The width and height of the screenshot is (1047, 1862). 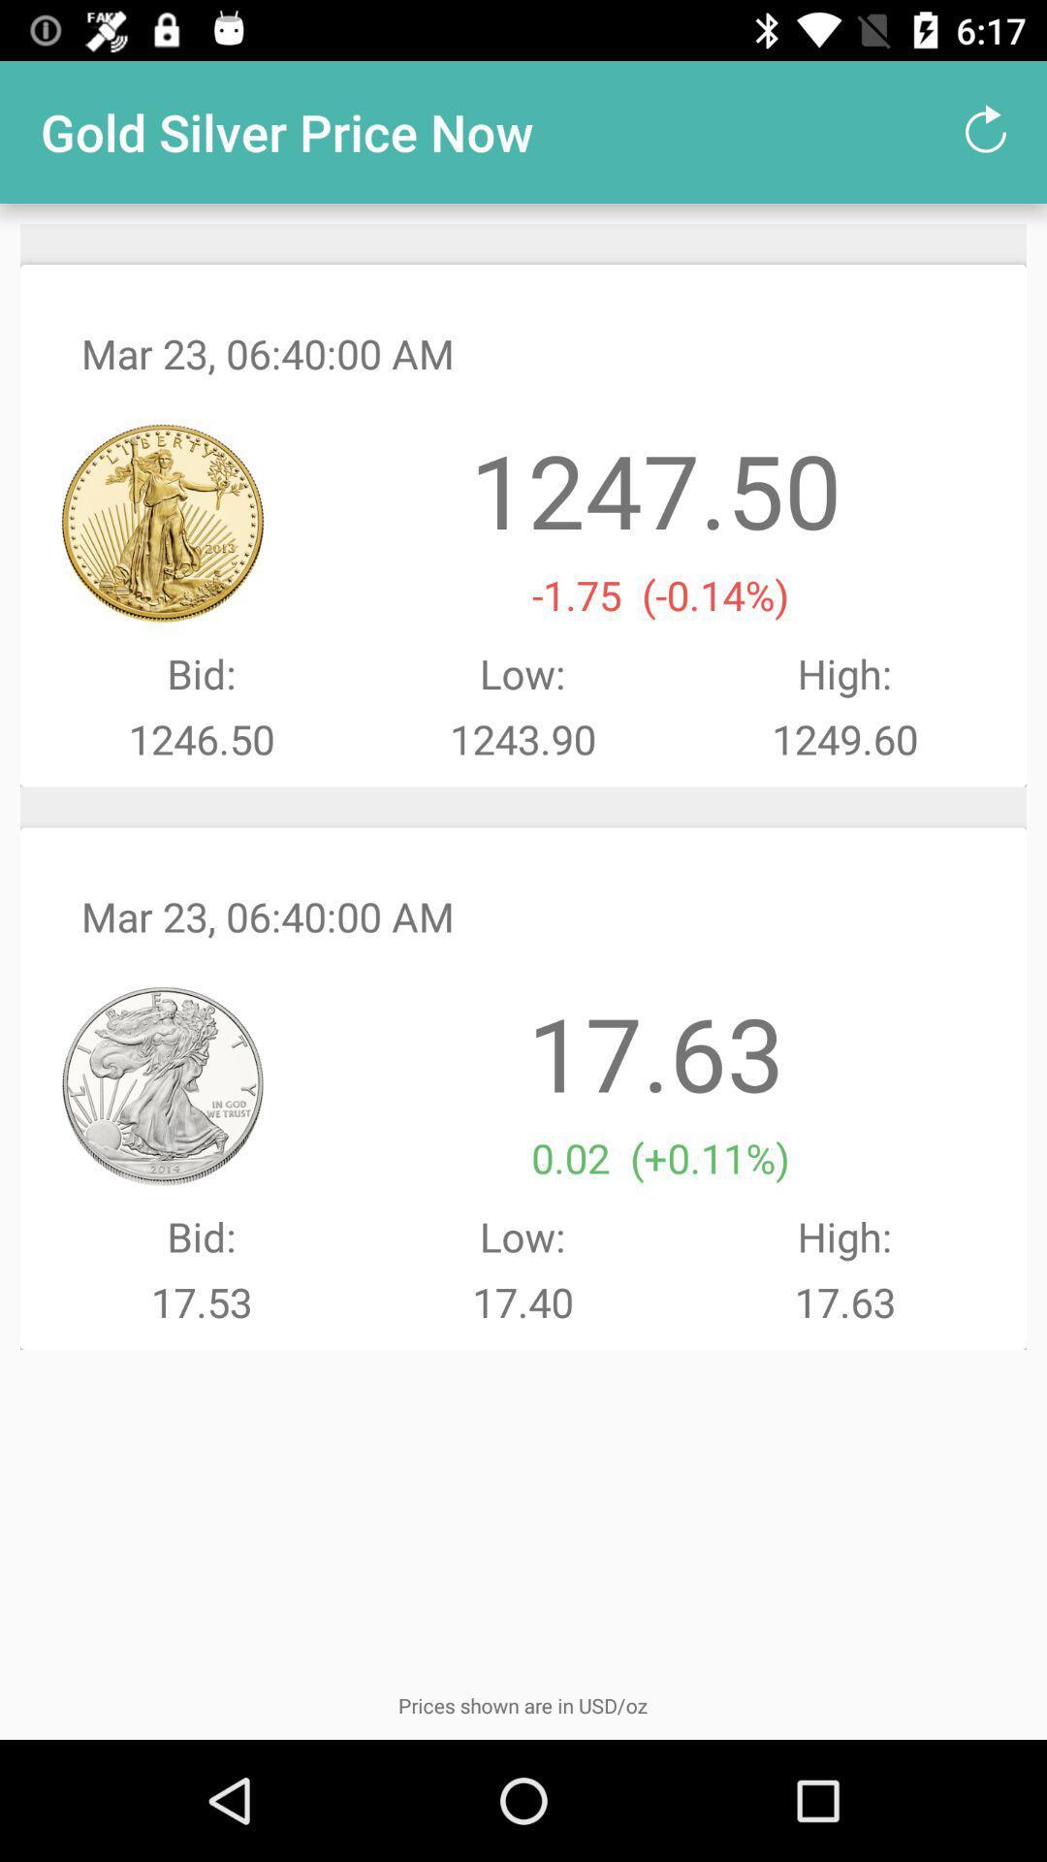 What do you see at coordinates (986, 131) in the screenshot?
I see `refresh prices` at bounding box center [986, 131].